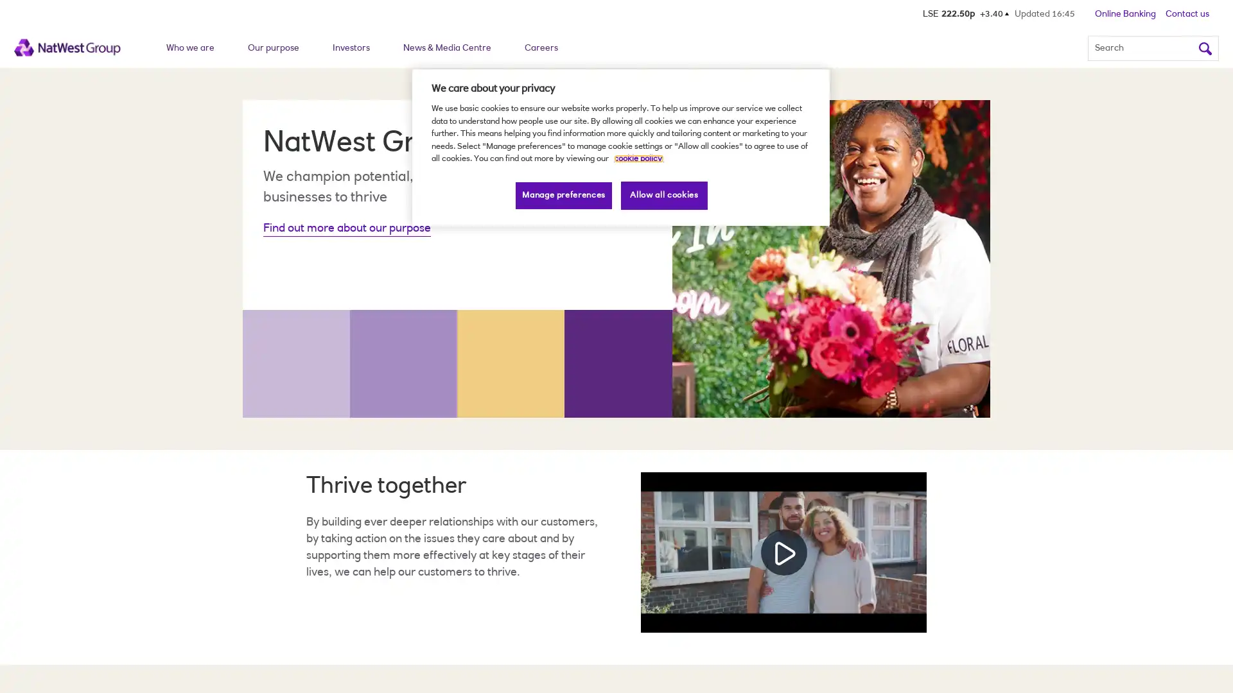 Image resolution: width=1233 pixels, height=693 pixels. Describe the element at coordinates (1204, 47) in the screenshot. I see `Search` at that location.